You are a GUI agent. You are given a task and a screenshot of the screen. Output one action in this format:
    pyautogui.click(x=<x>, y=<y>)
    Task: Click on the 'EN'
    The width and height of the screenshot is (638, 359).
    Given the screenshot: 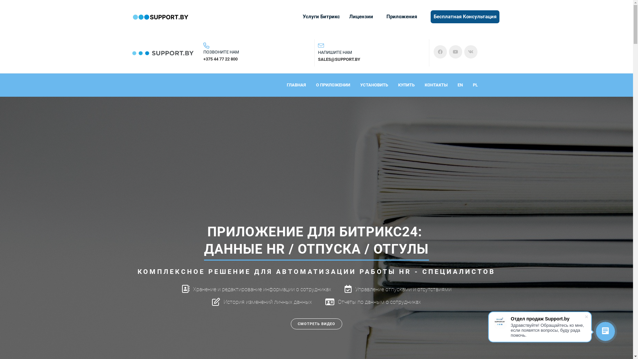 What is the action you would take?
    pyautogui.click(x=457, y=85)
    